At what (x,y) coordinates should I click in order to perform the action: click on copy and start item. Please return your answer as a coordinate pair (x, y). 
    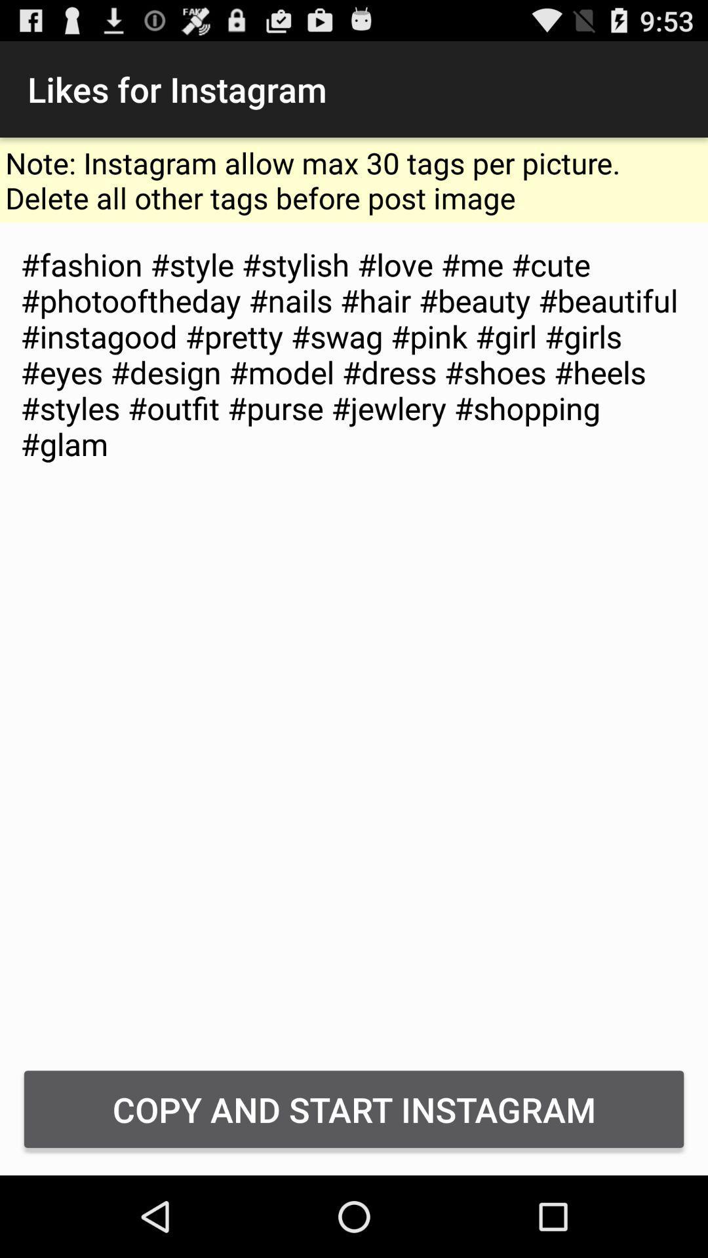
    Looking at the image, I should click on (354, 1109).